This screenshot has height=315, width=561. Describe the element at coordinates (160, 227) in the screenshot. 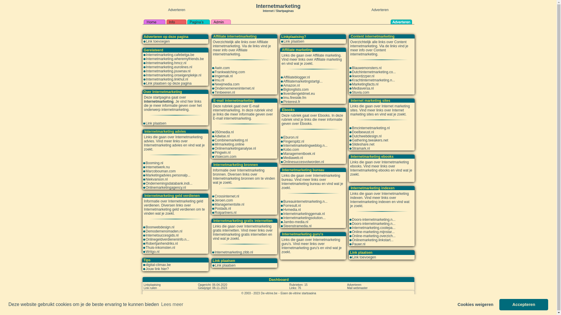

I see `'Boonwebdesign.nl'` at that location.